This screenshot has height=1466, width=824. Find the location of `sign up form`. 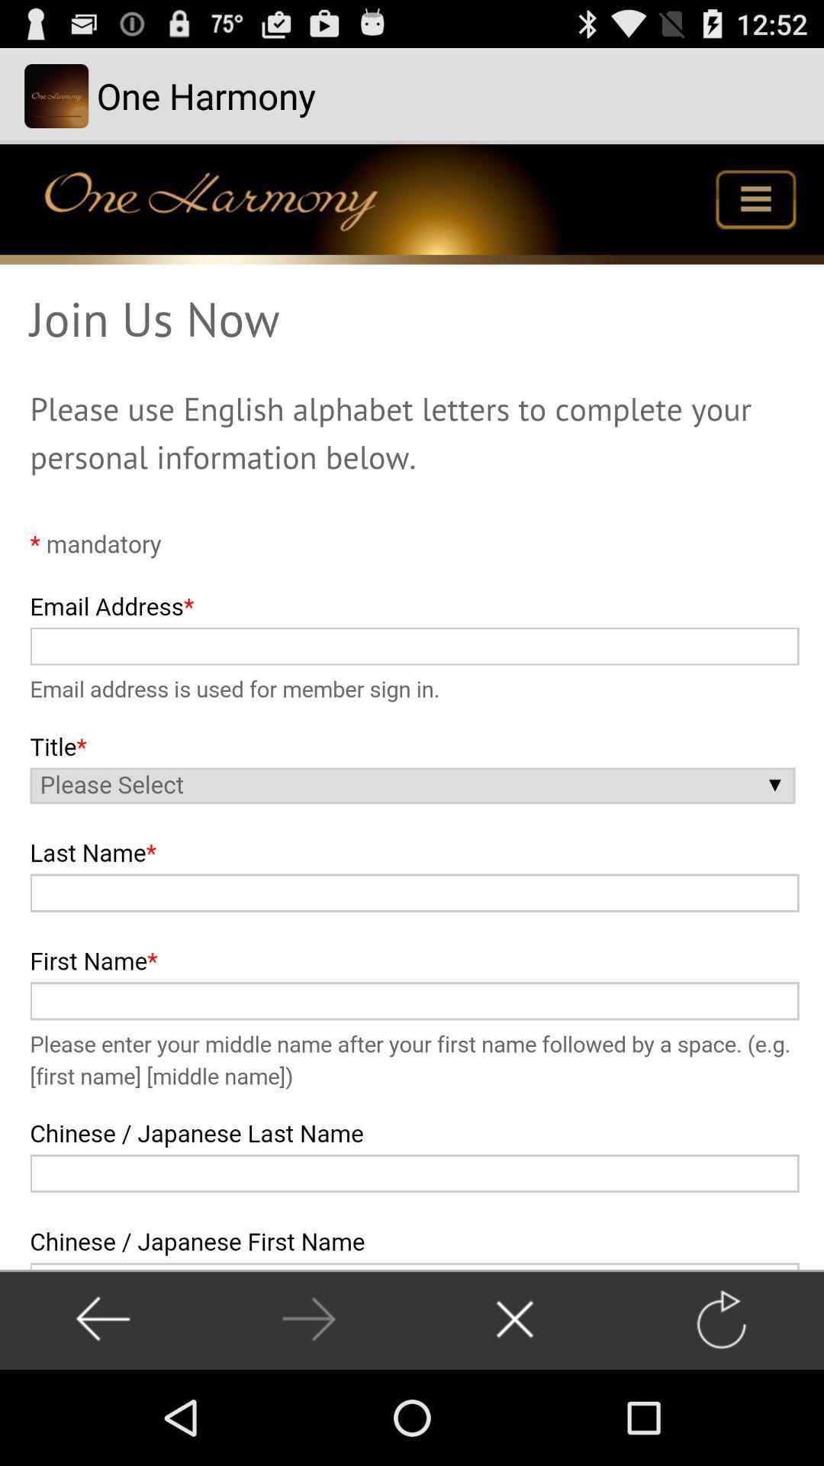

sign up form is located at coordinates (412, 706).